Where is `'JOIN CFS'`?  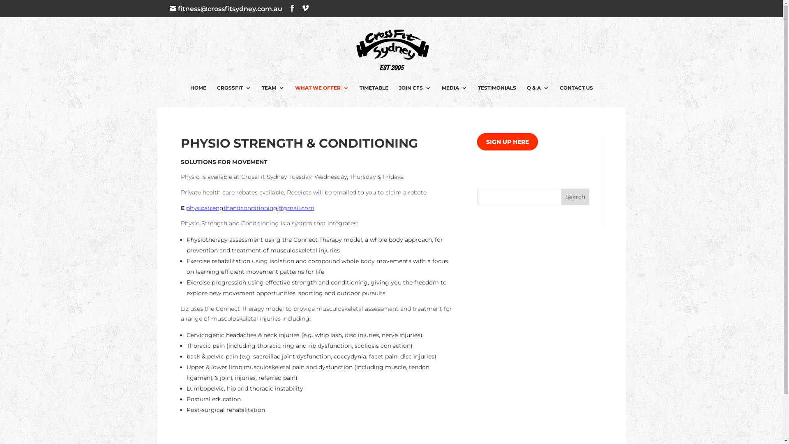 'JOIN CFS' is located at coordinates (414, 90).